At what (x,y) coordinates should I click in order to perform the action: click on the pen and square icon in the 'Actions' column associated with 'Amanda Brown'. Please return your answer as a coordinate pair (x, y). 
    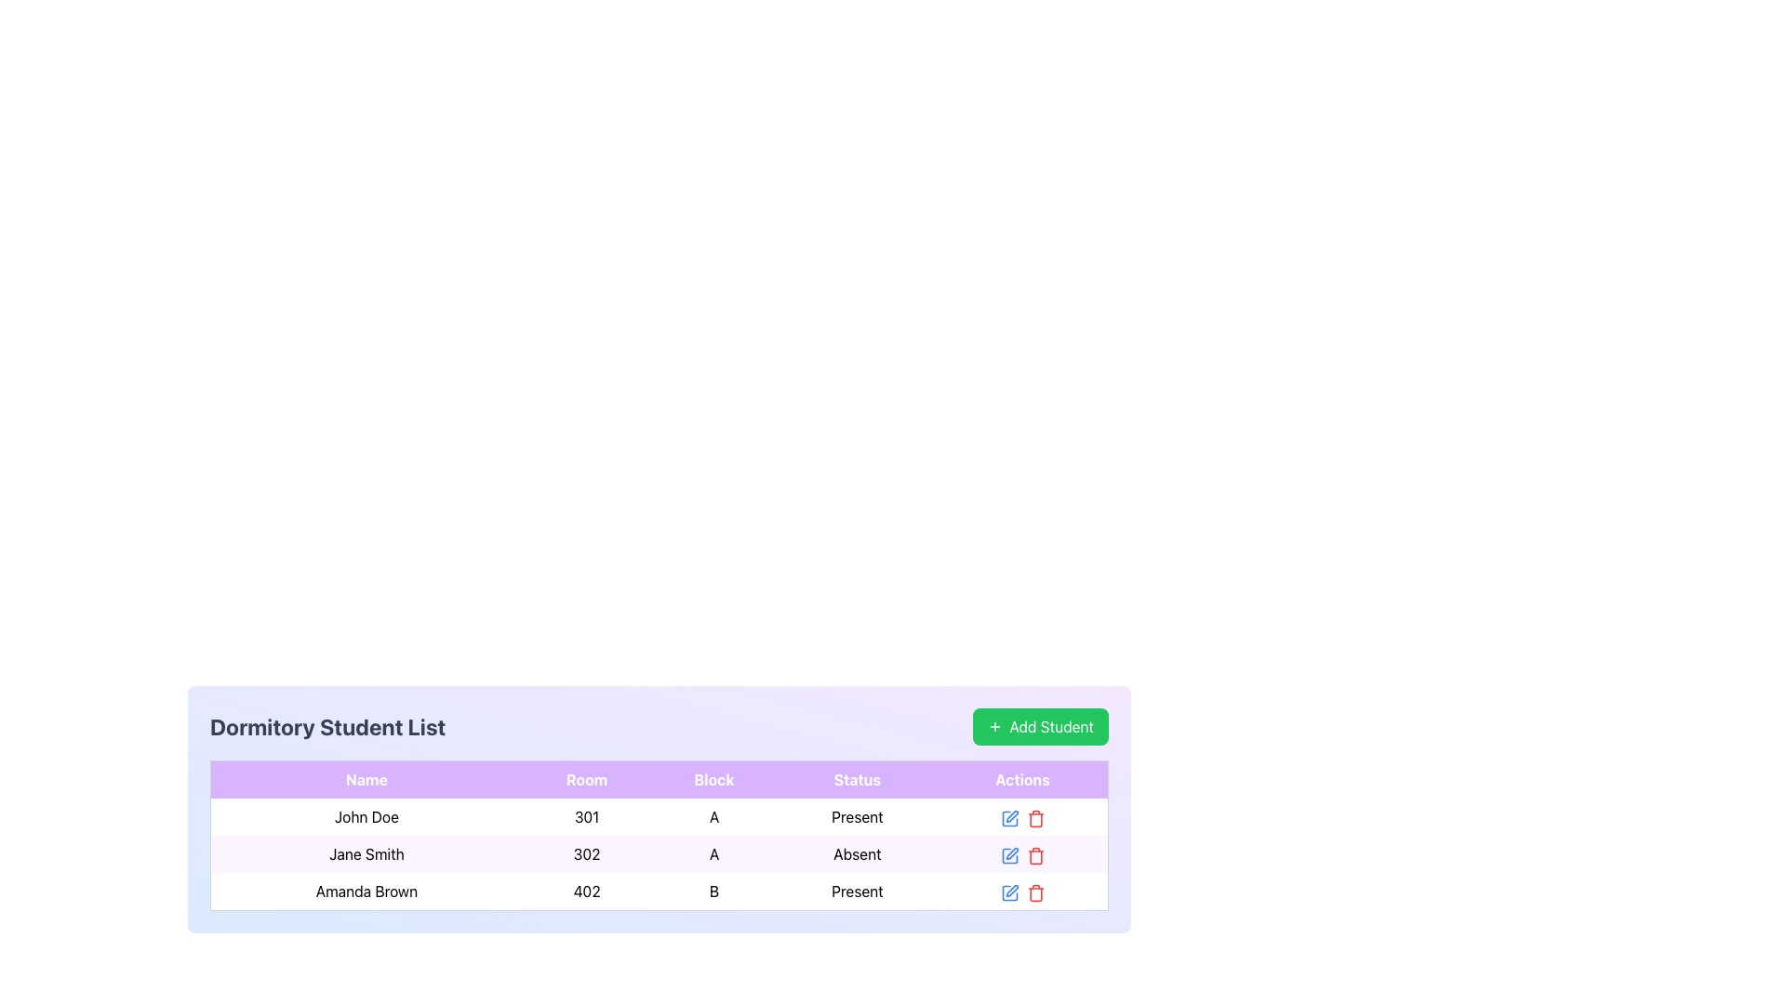
    Looking at the image, I should click on (1008, 892).